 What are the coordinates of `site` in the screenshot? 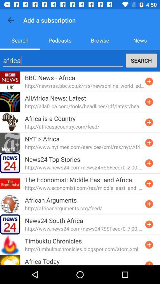 It's located at (149, 163).